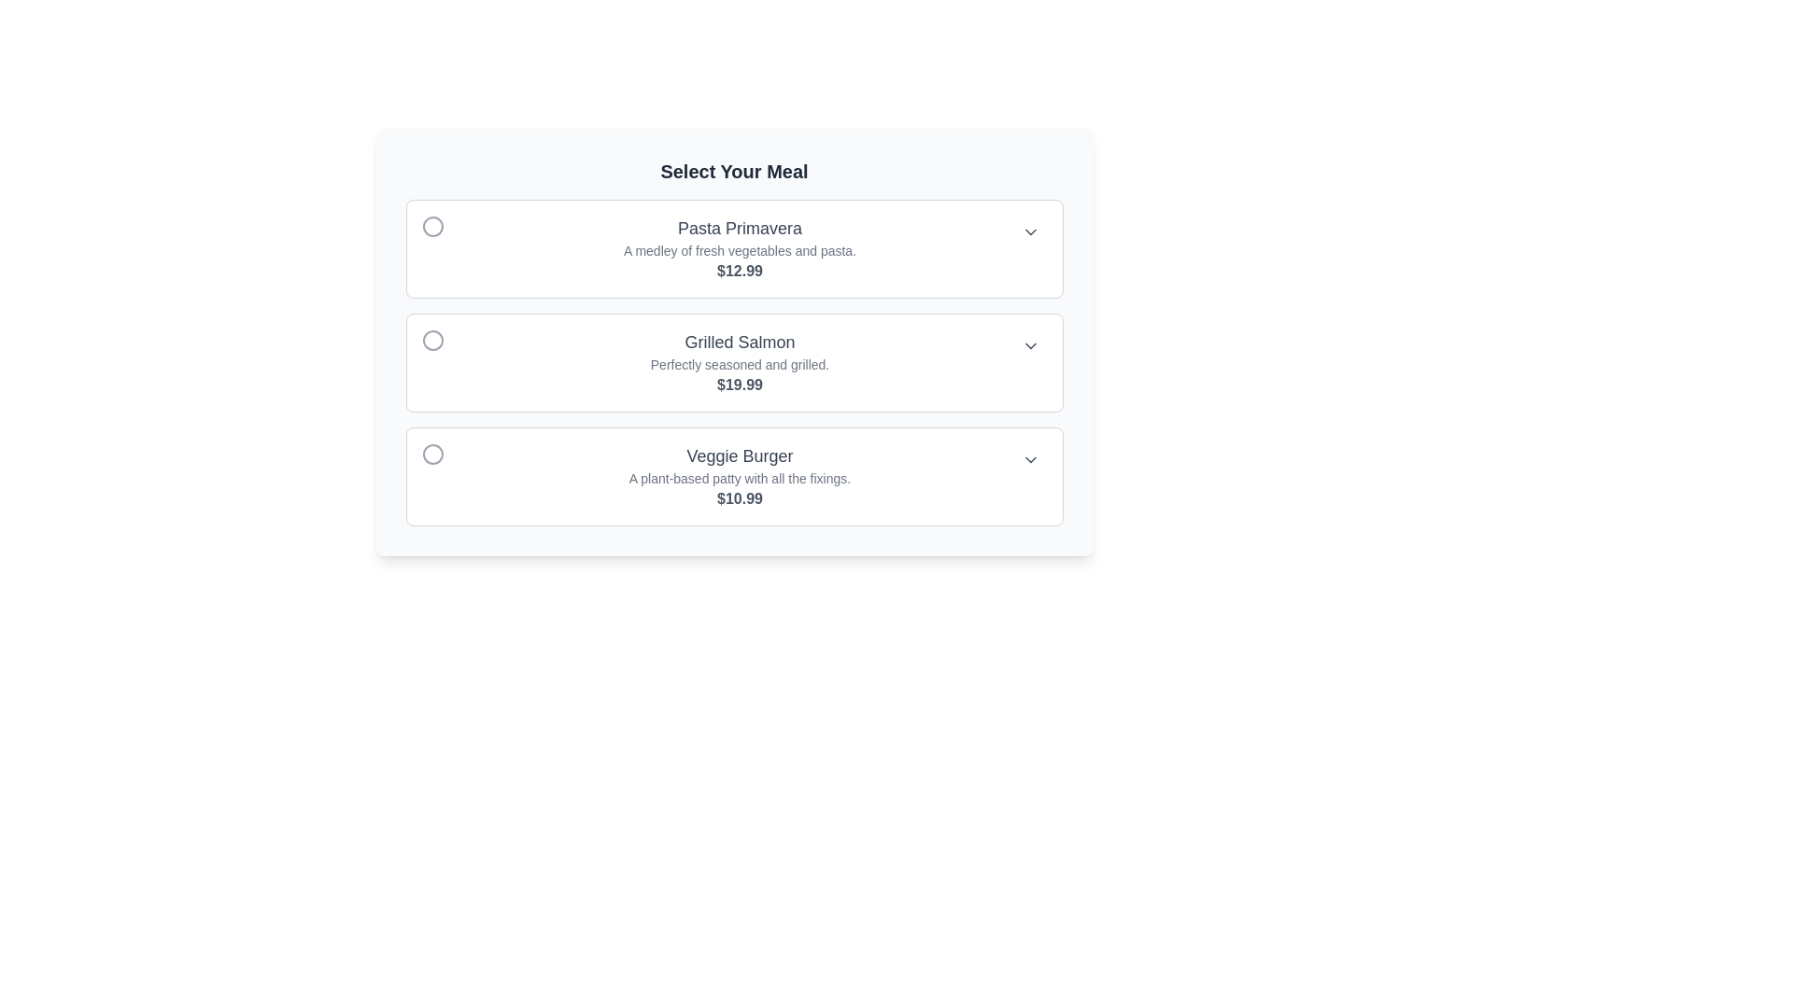 Image resolution: width=1793 pixels, height=1008 pixels. I want to click on the radio button for the list item 'Pasta Primavera', so click(431, 226).